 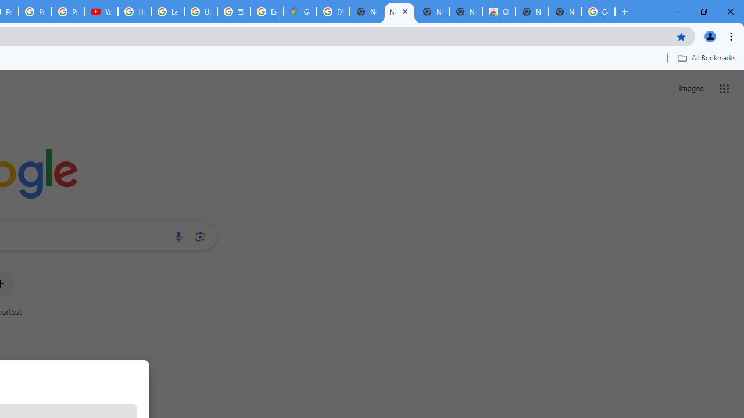 What do you see at coordinates (35, 12) in the screenshot?
I see `'Privacy Checkup'` at bounding box center [35, 12].